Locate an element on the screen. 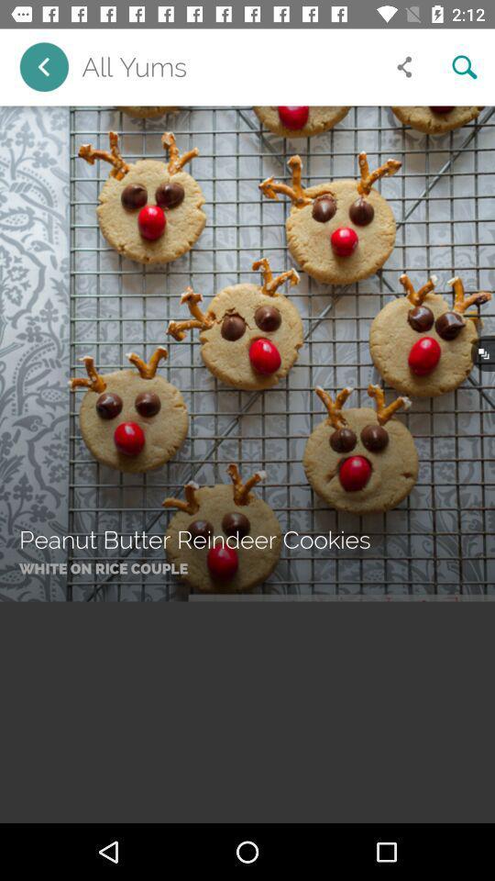  the icon to the right of the all yums item is located at coordinates (404, 67).